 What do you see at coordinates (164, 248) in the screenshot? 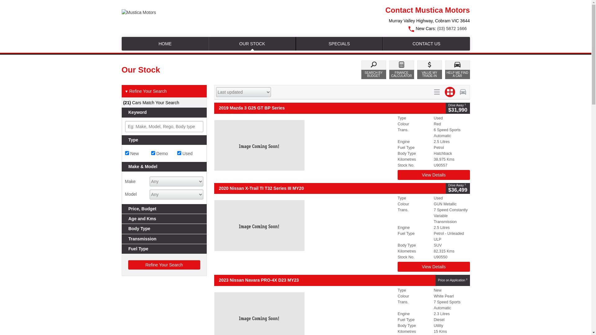
I see `'Fuel Type'` at bounding box center [164, 248].